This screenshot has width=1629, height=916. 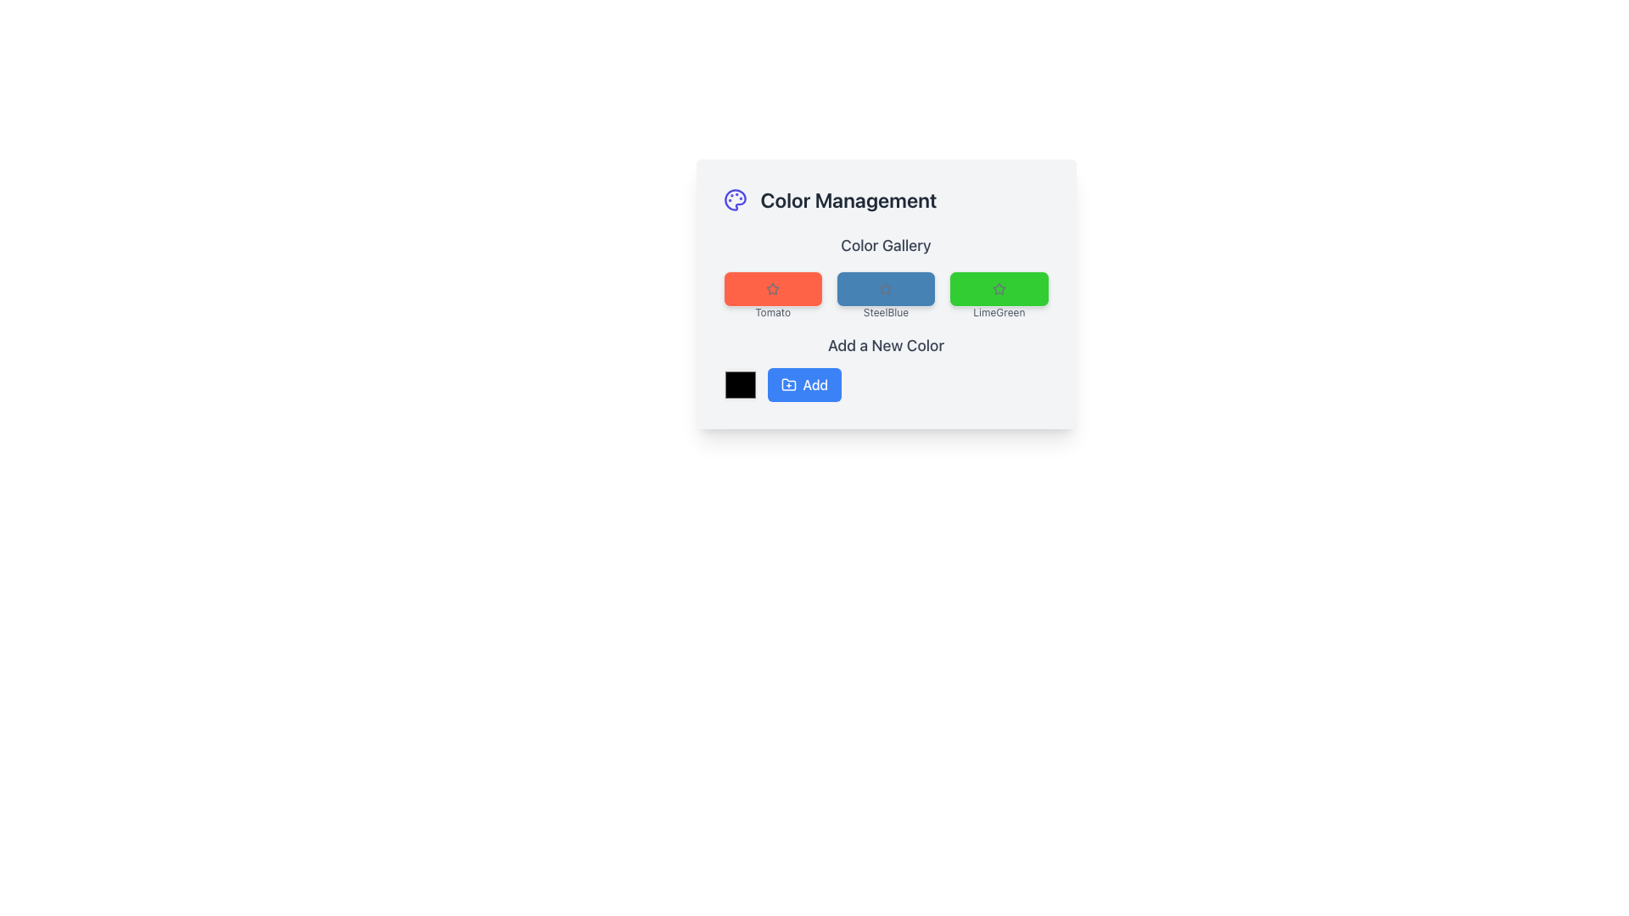 I want to click on text label 'LimeGreen' that is styled in a light gray font and positioned directly beneath the green rectangle in the 'Color Gallery' section, so click(x=999, y=313).